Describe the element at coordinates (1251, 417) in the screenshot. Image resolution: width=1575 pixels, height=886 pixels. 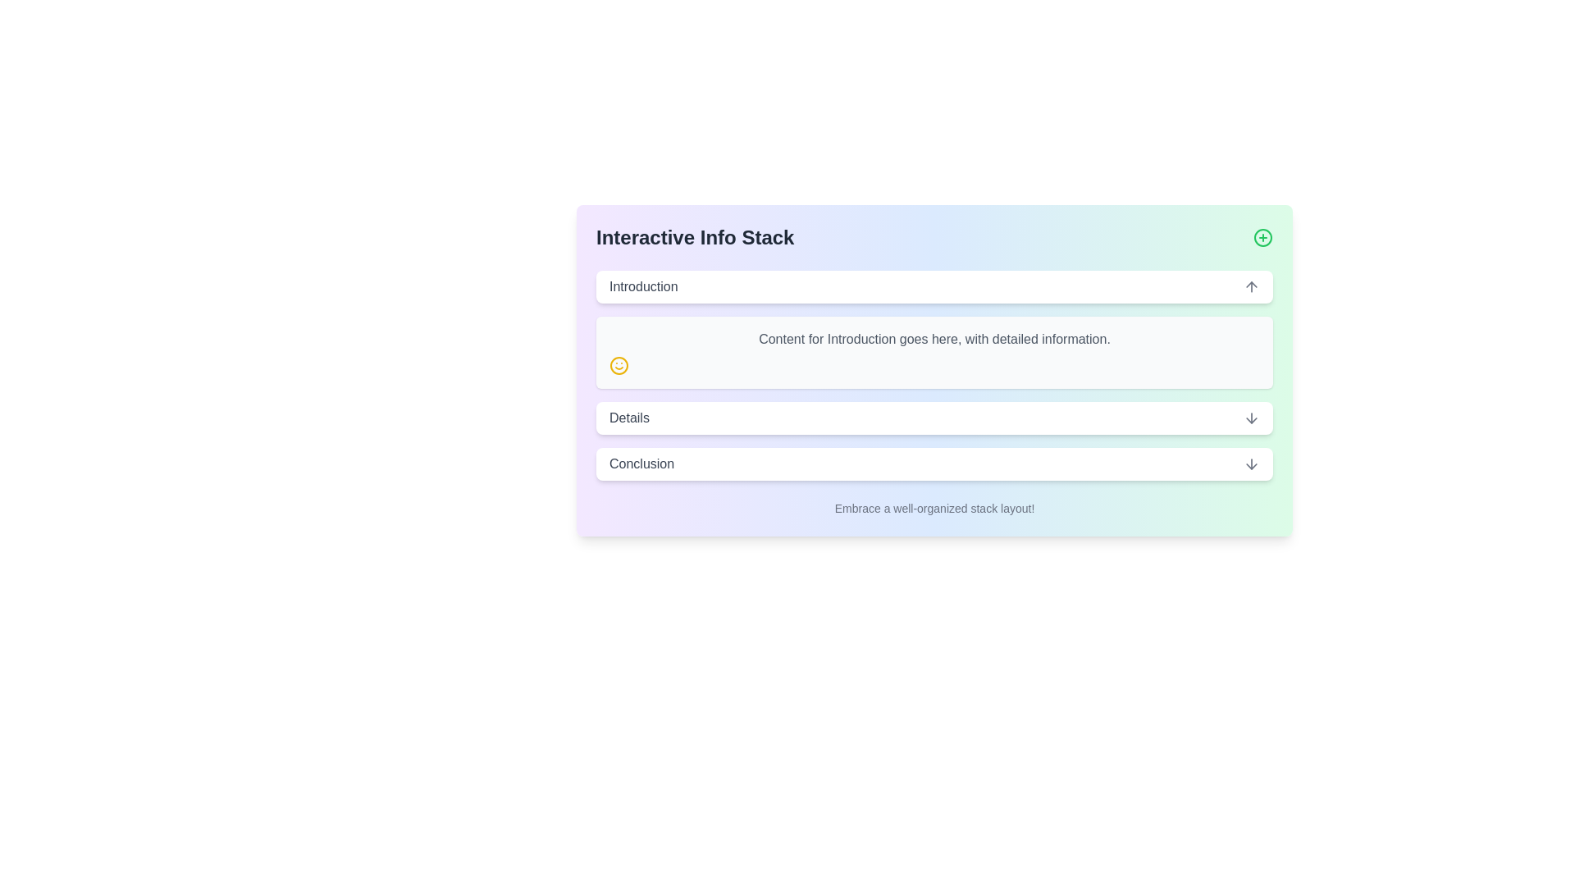
I see `the small downwards-pointing arrow icon located on the right side of the 'Details' text within the white rectangular button` at that location.